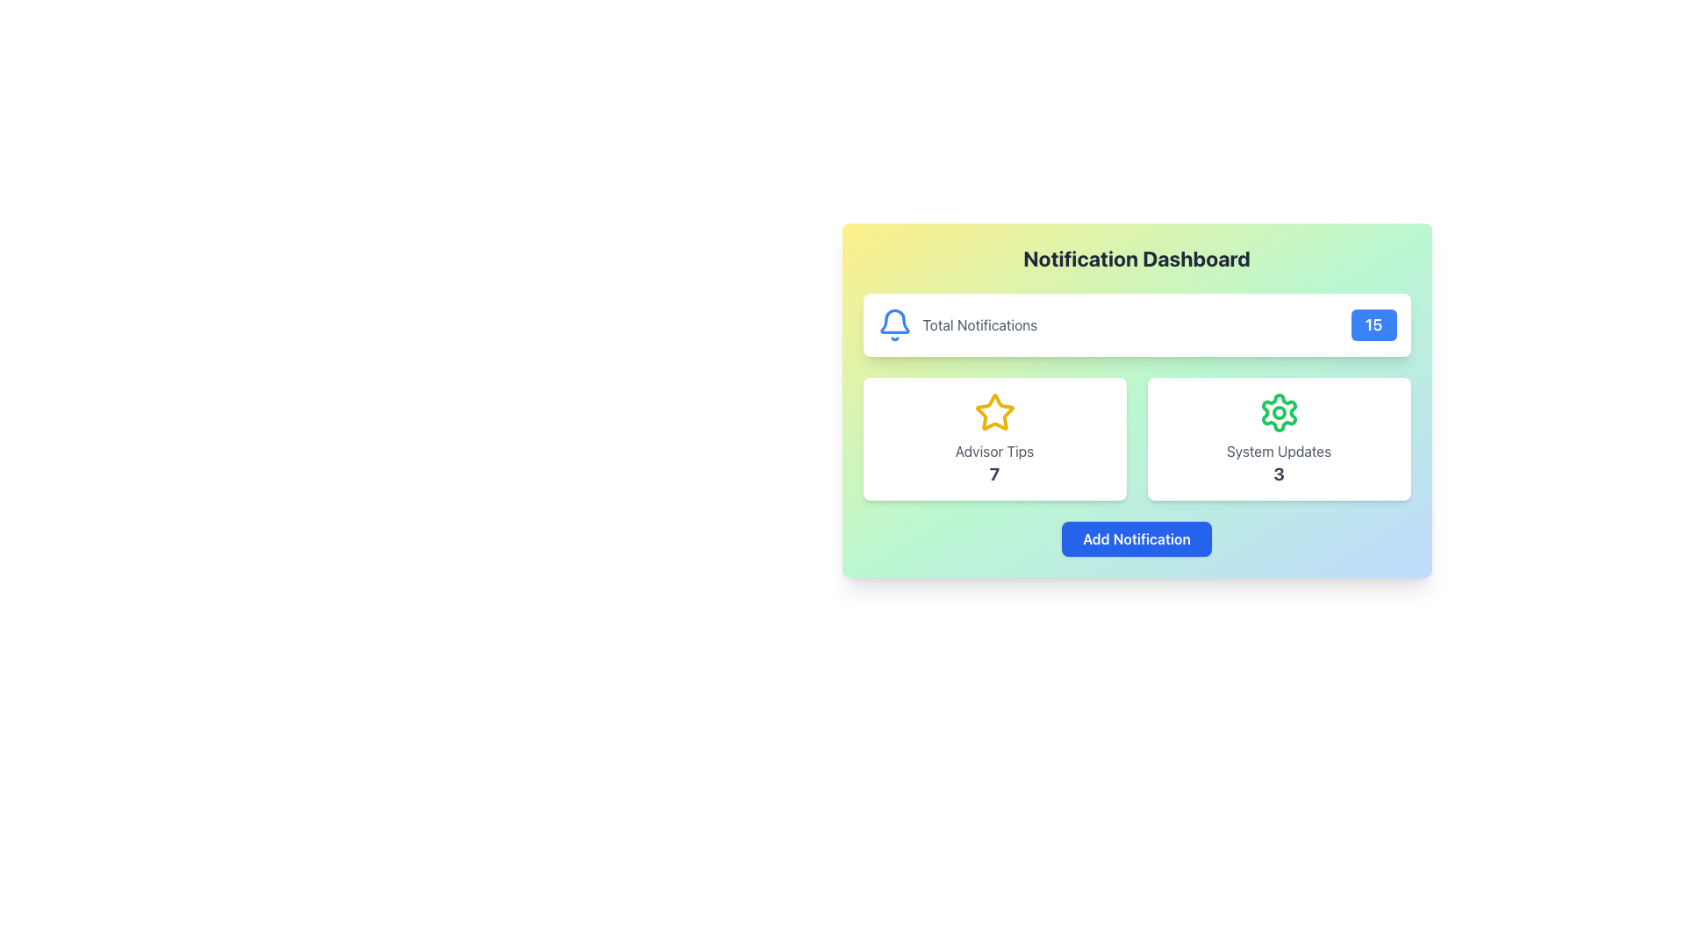 This screenshot has width=1685, height=947. Describe the element at coordinates (994, 412) in the screenshot. I see `the decorative icon that signifies the Advisor Tips section, located centrally within the 'Advisor Tips' card on the notification dashboard` at that location.